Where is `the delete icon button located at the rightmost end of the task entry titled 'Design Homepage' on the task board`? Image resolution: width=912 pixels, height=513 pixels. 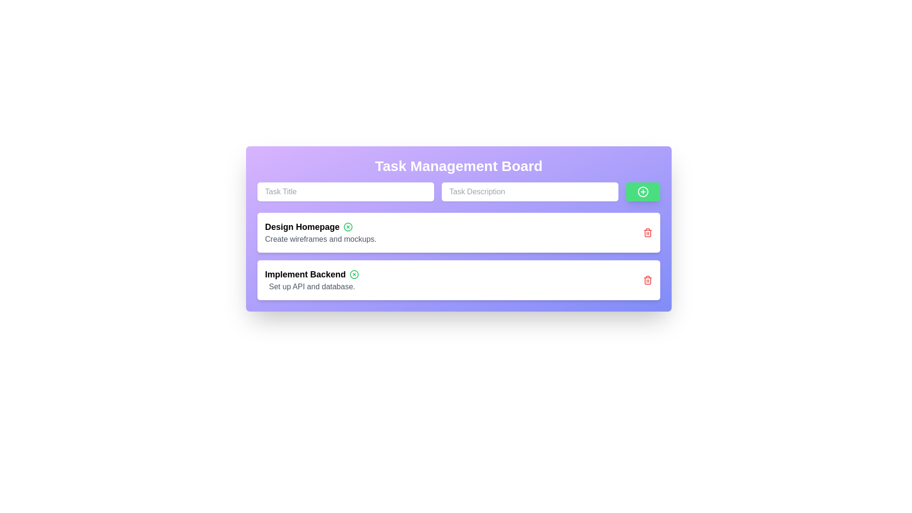 the delete icon button located at the rightmost end of the task entry titled 'Design Homepage' on the task board is located at coordinates (647, 232).